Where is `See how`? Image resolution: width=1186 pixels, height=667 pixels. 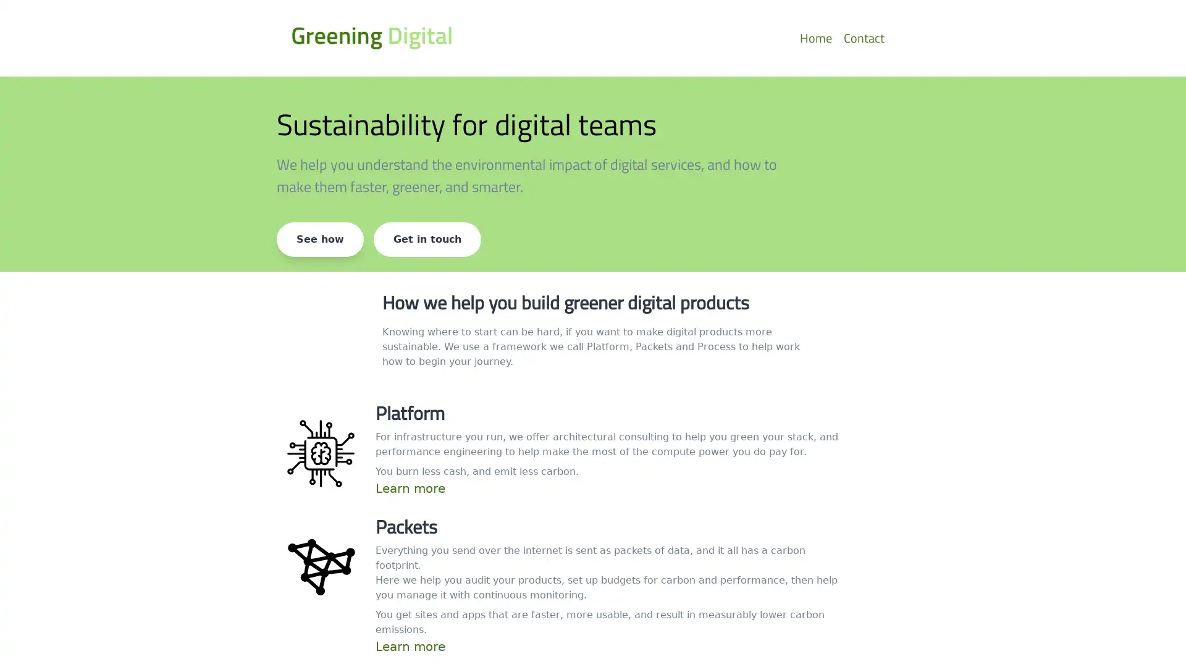 See how is located at coordinates (320, 240).